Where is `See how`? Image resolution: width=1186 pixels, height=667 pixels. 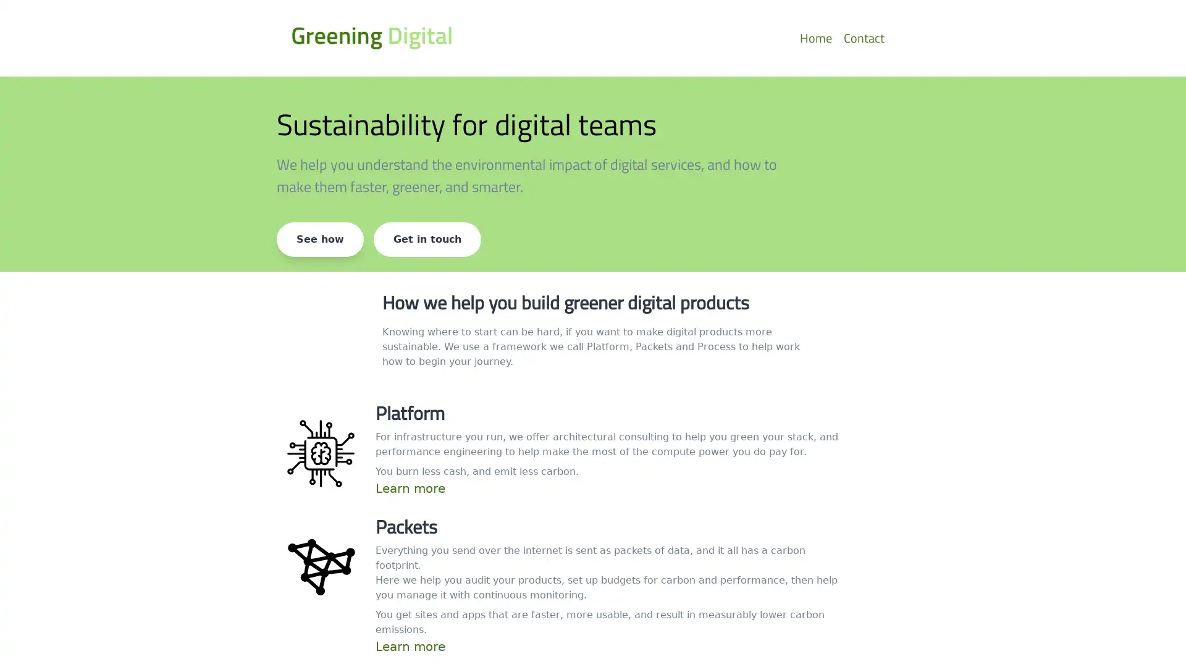 See how is located at coordinates (320, 240).